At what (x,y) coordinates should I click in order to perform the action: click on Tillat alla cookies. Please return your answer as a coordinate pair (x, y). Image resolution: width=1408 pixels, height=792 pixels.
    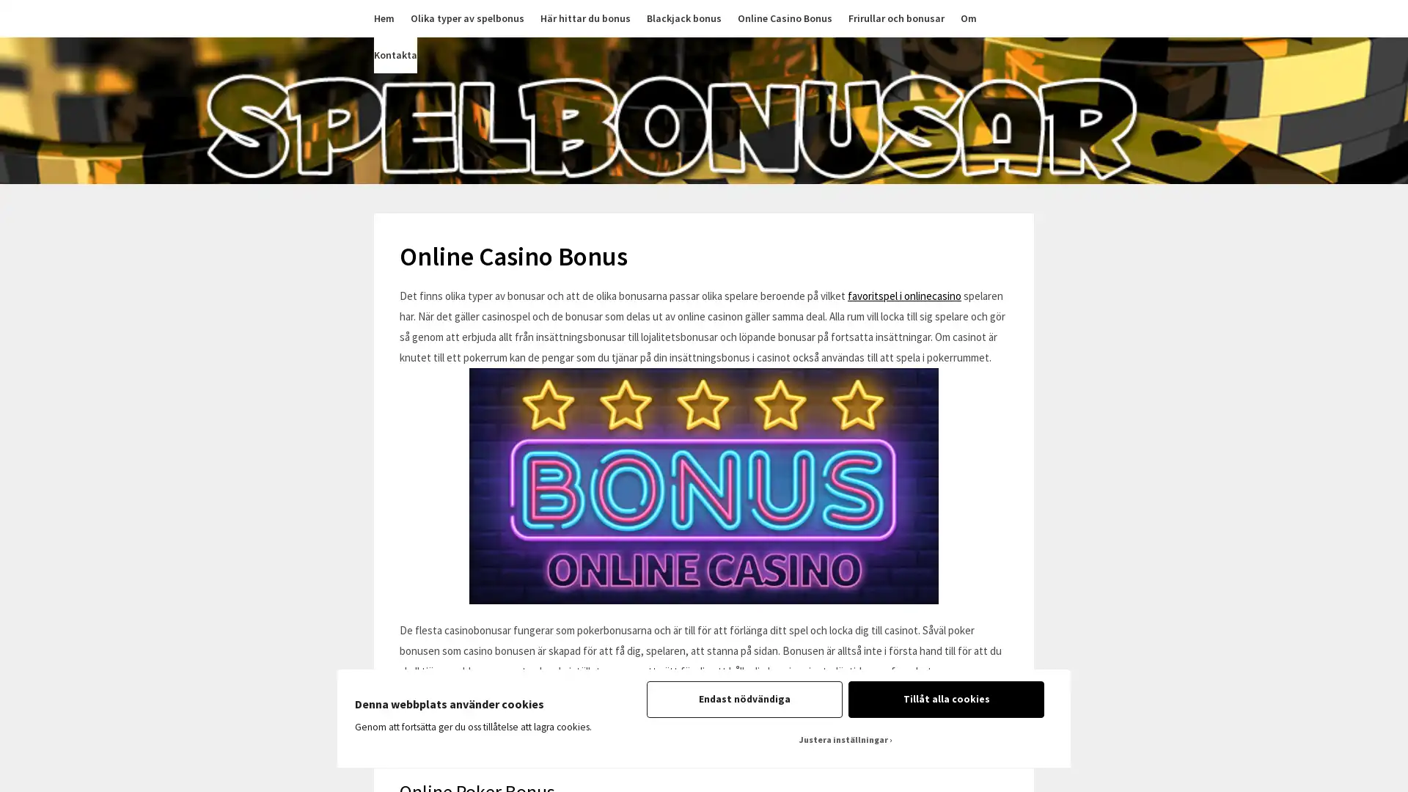
    Looking at the image, I should click on (946, 698).